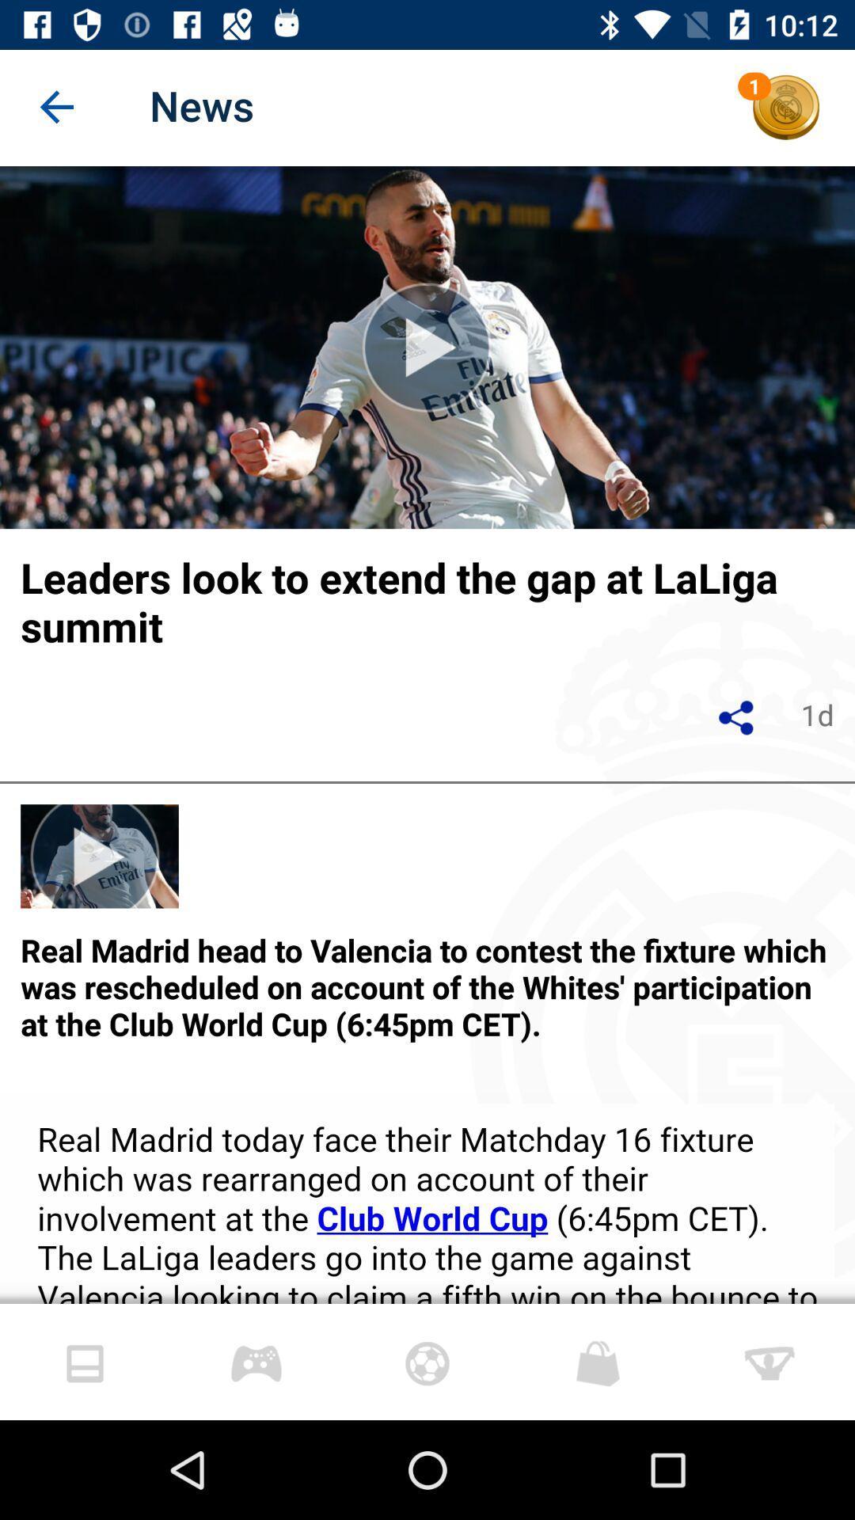  Describe the element at coordinates (427, 346) in the screenshot. I see `the play icon` at that location.